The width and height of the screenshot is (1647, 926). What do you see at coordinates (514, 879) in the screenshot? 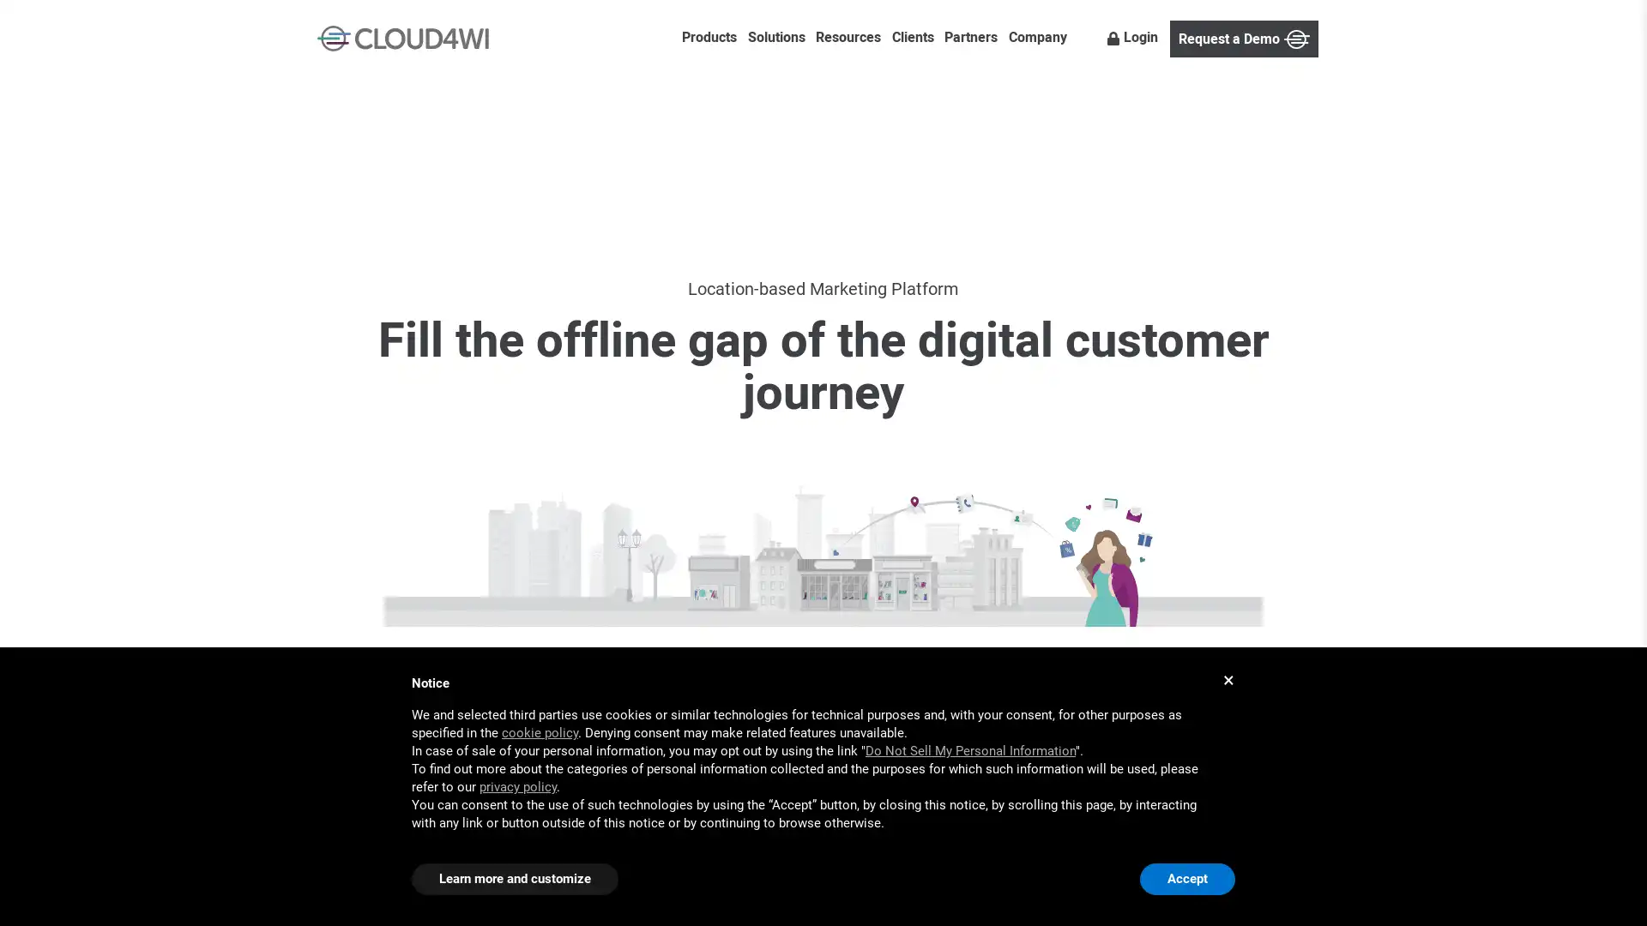
I see `Learn more and customize` at bounding box center [514, 879].